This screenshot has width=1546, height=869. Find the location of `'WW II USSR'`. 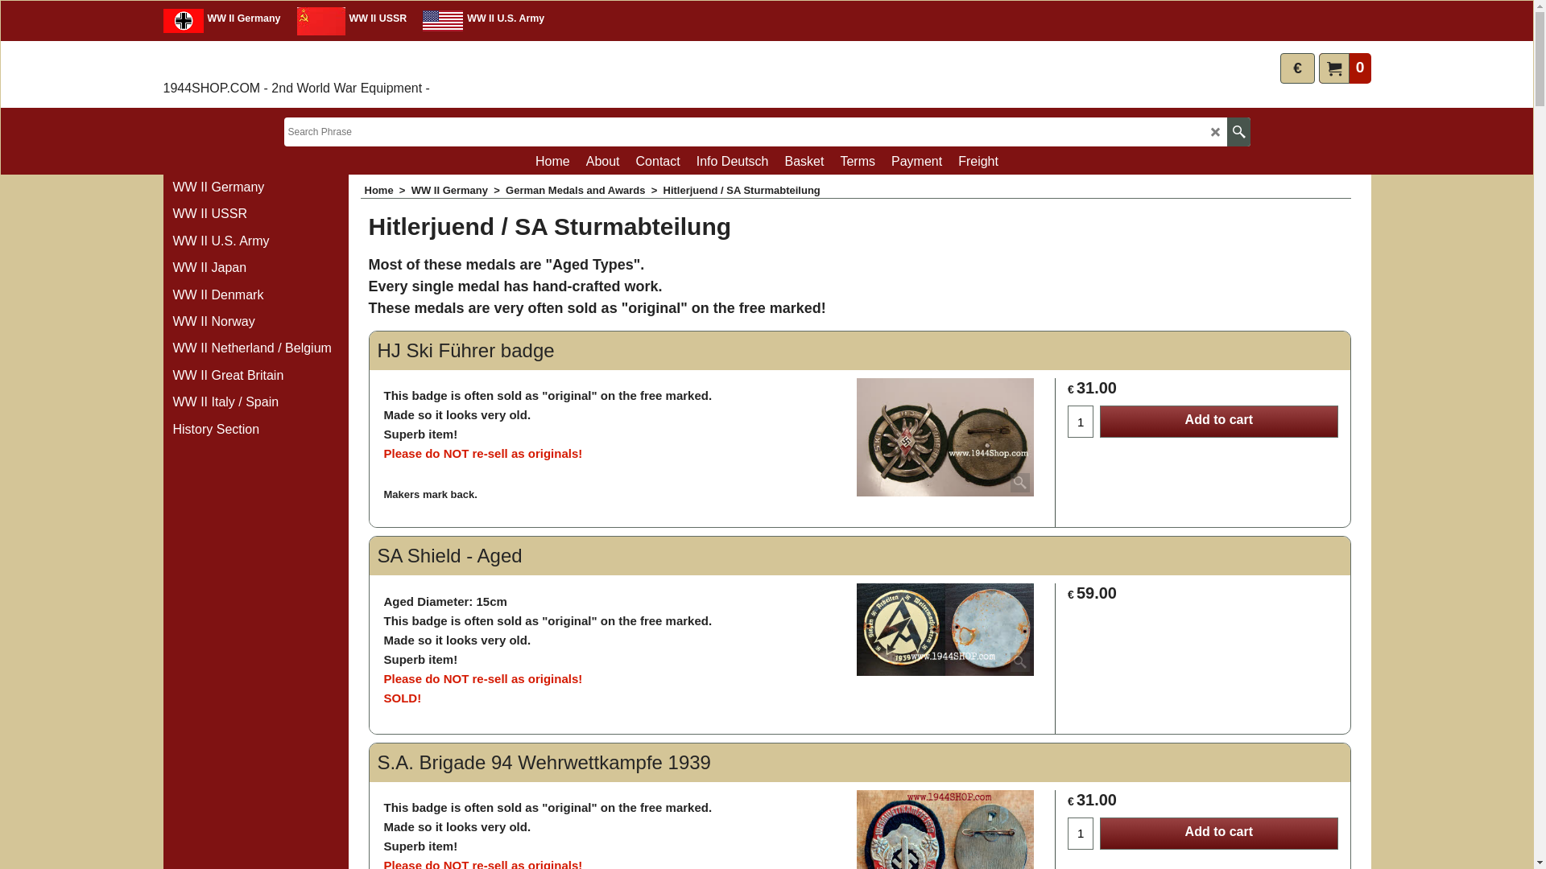

'WW II USSR' is located at coordinates (254, 213).